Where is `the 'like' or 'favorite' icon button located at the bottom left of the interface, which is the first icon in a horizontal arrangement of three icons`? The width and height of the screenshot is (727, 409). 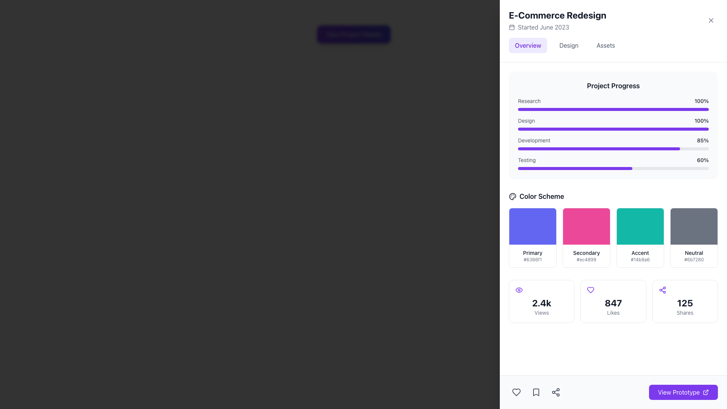 the 'like' or 'favorite' icon button located at the bottom left of the interface, which is the first icon in a horizontal arrangement of three icons is located at coordinates (516, 392).